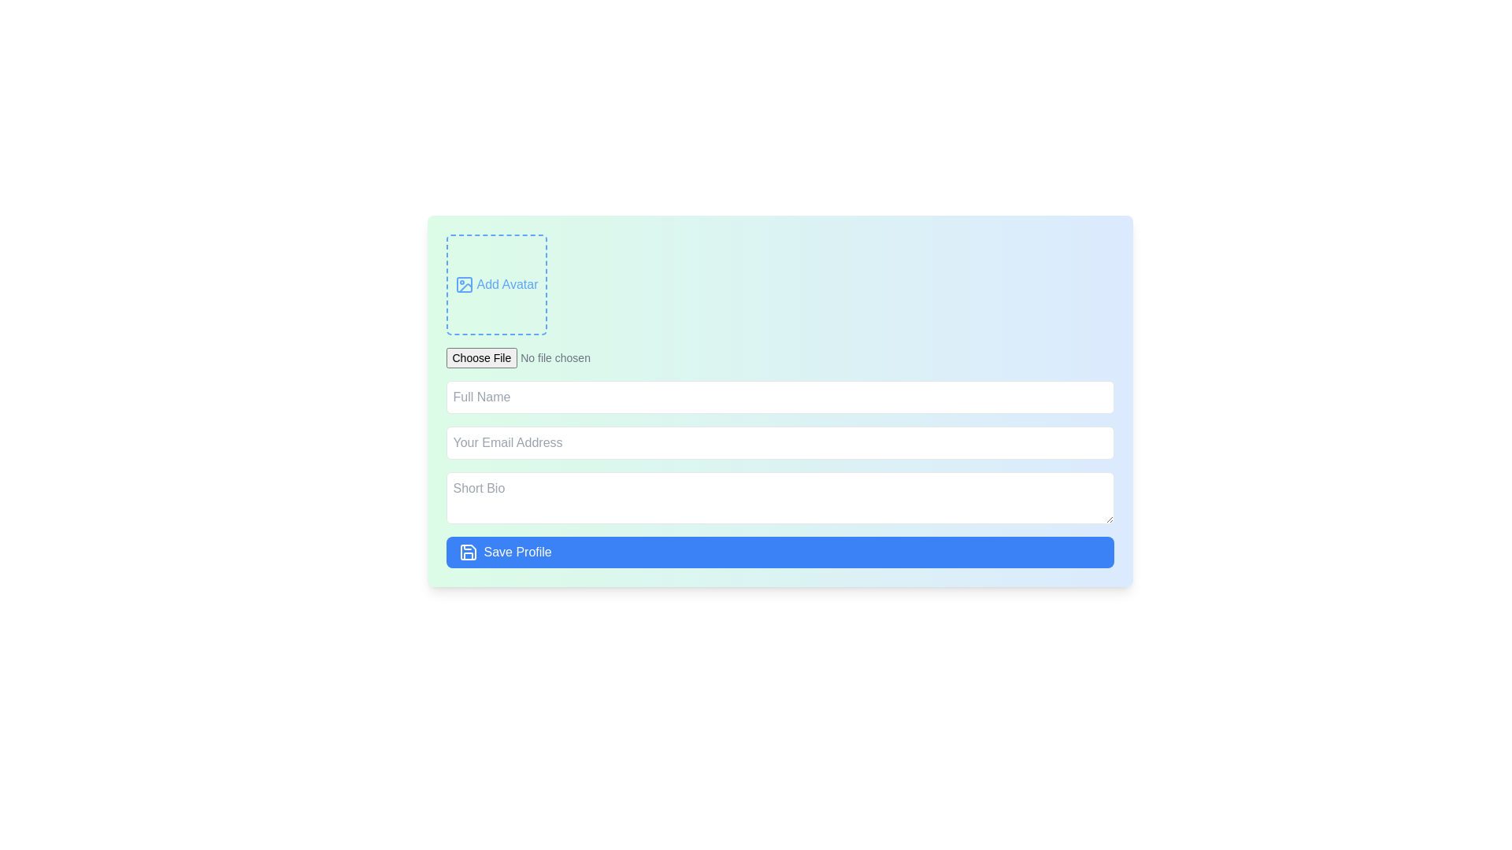  Describe the element at coordinates (507, 285) in the screenshot. I see `the static text label displaying 'Add Avatar', which is styled in blue and located within a dashed rectangle at the top-left area of the form interface` at that location.